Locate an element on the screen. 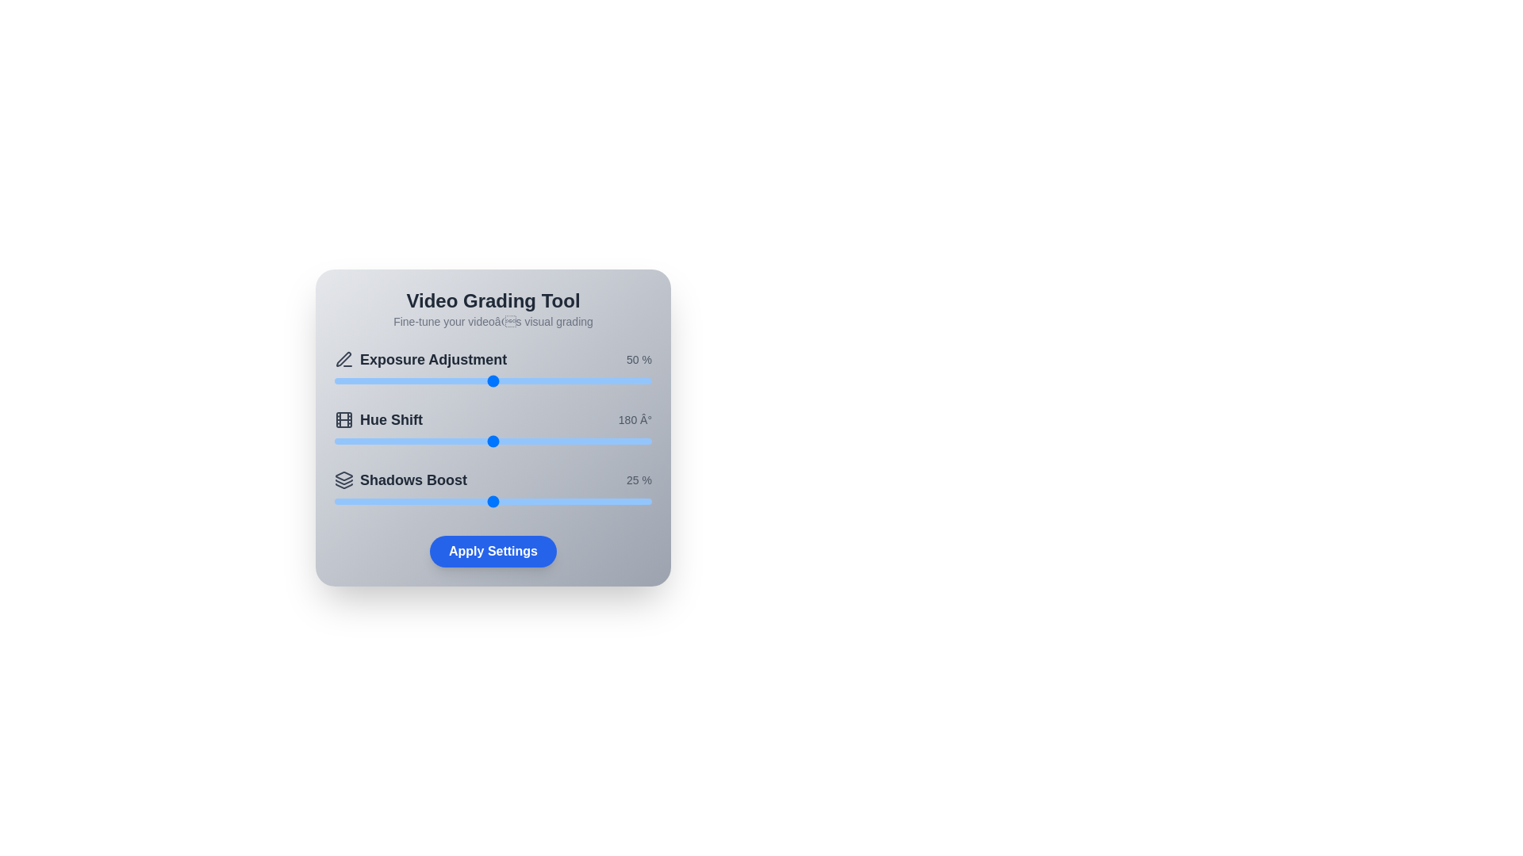 The width and height of the screenshot is (1523, 856). the hue shift is located at coordinates (389, 441).